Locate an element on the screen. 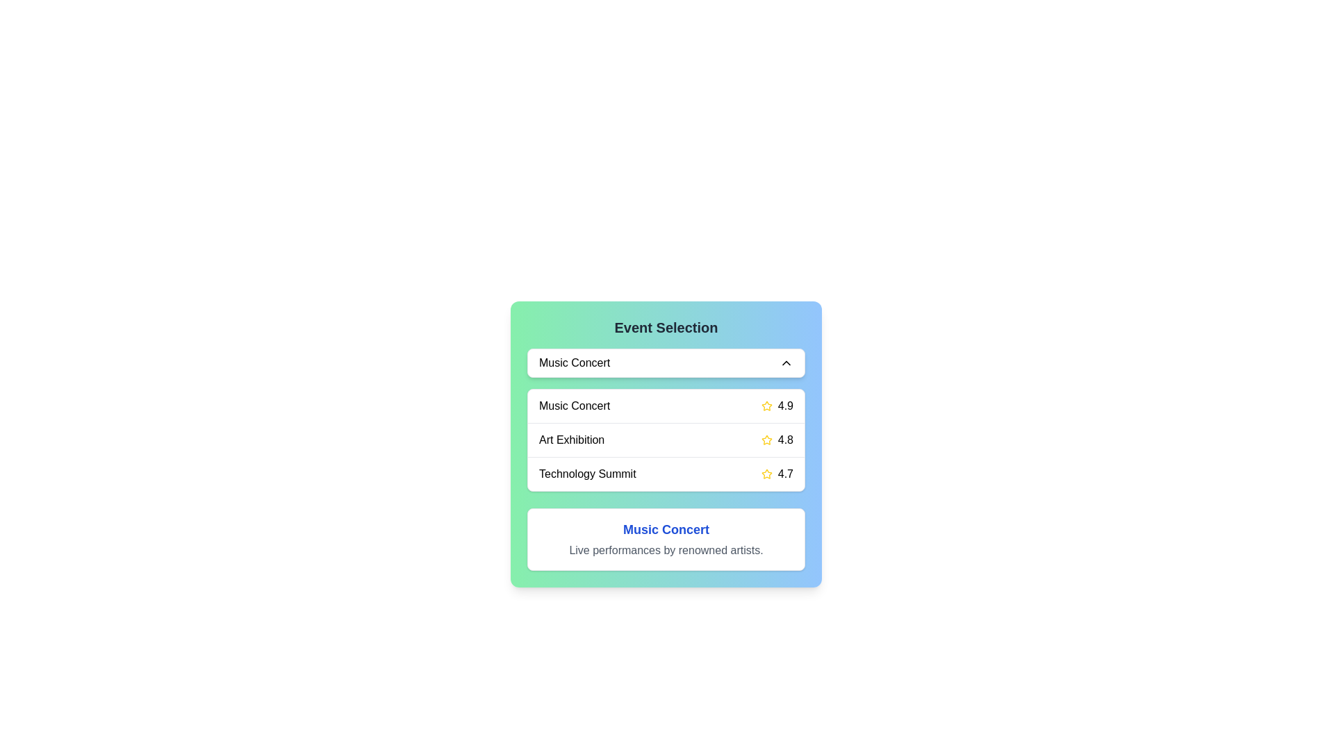 The width and height of the screenshot is (1334, 750). the 'Music Concert' text label located in the dropdown menu beneath 'Event Selection' is located at coordinates (575, 362).